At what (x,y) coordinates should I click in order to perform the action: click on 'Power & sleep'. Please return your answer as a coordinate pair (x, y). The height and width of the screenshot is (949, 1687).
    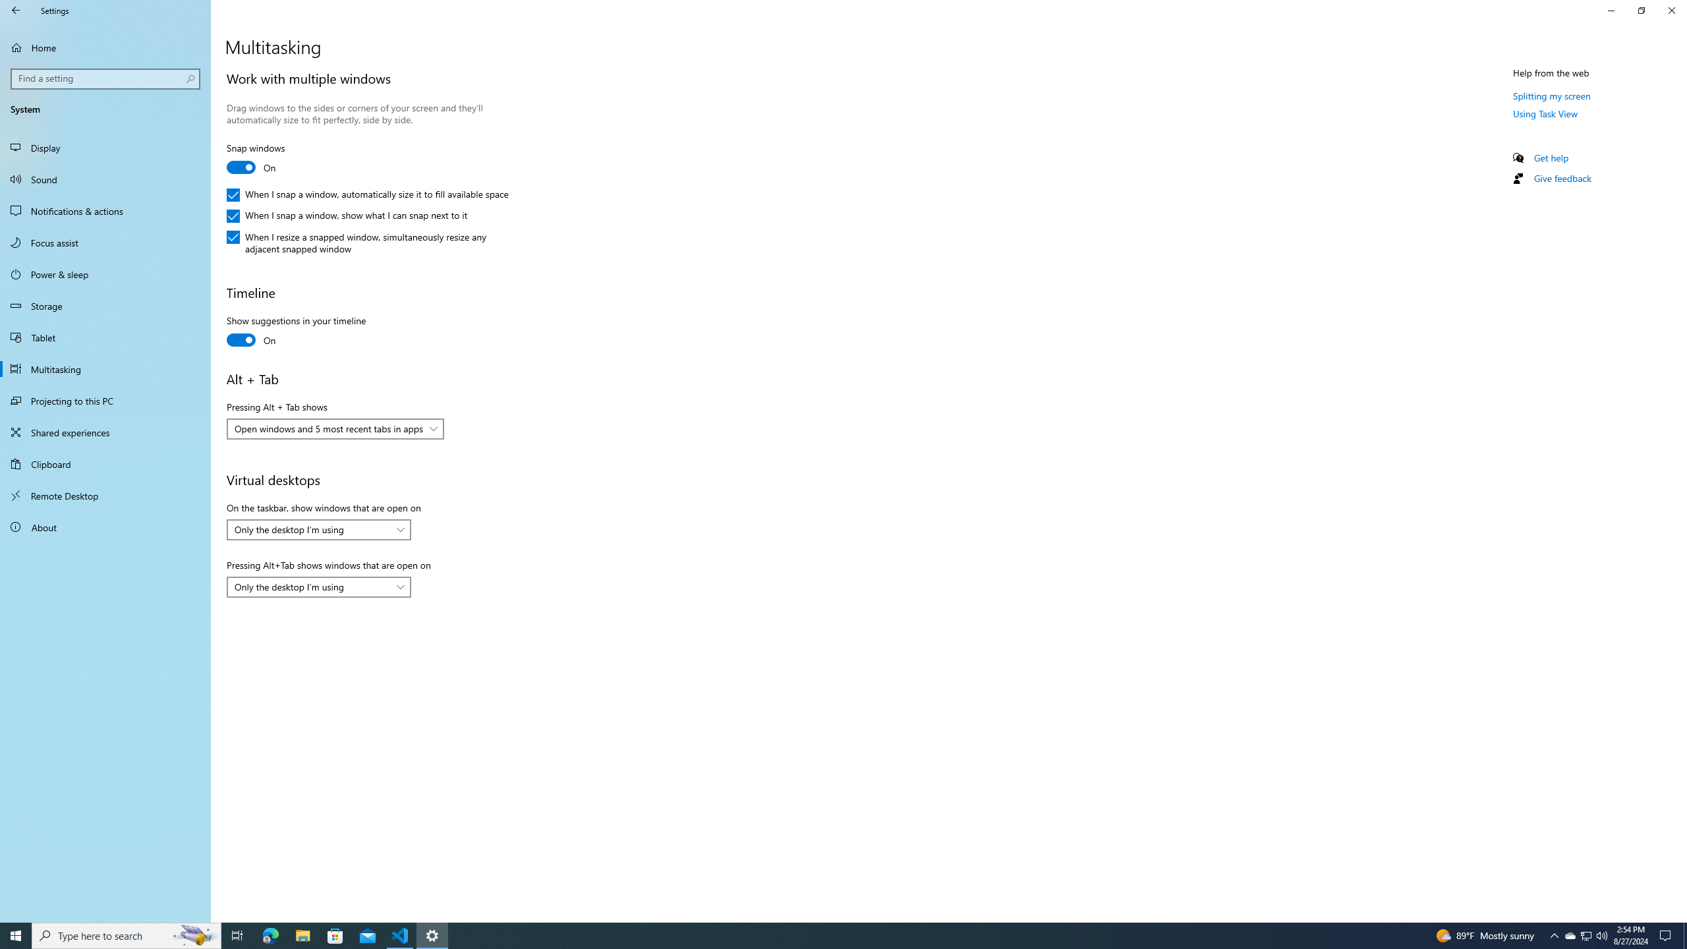
    Looking at the image, I should click on (105, 273).